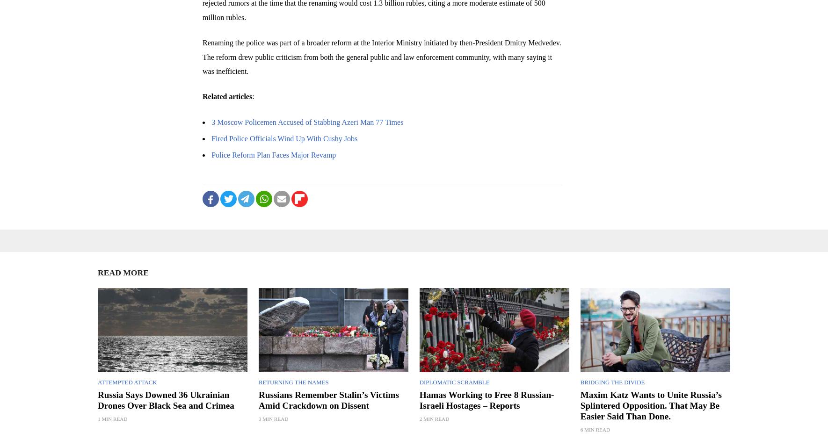  I want to click on '1 Min read', so click(98, 418).